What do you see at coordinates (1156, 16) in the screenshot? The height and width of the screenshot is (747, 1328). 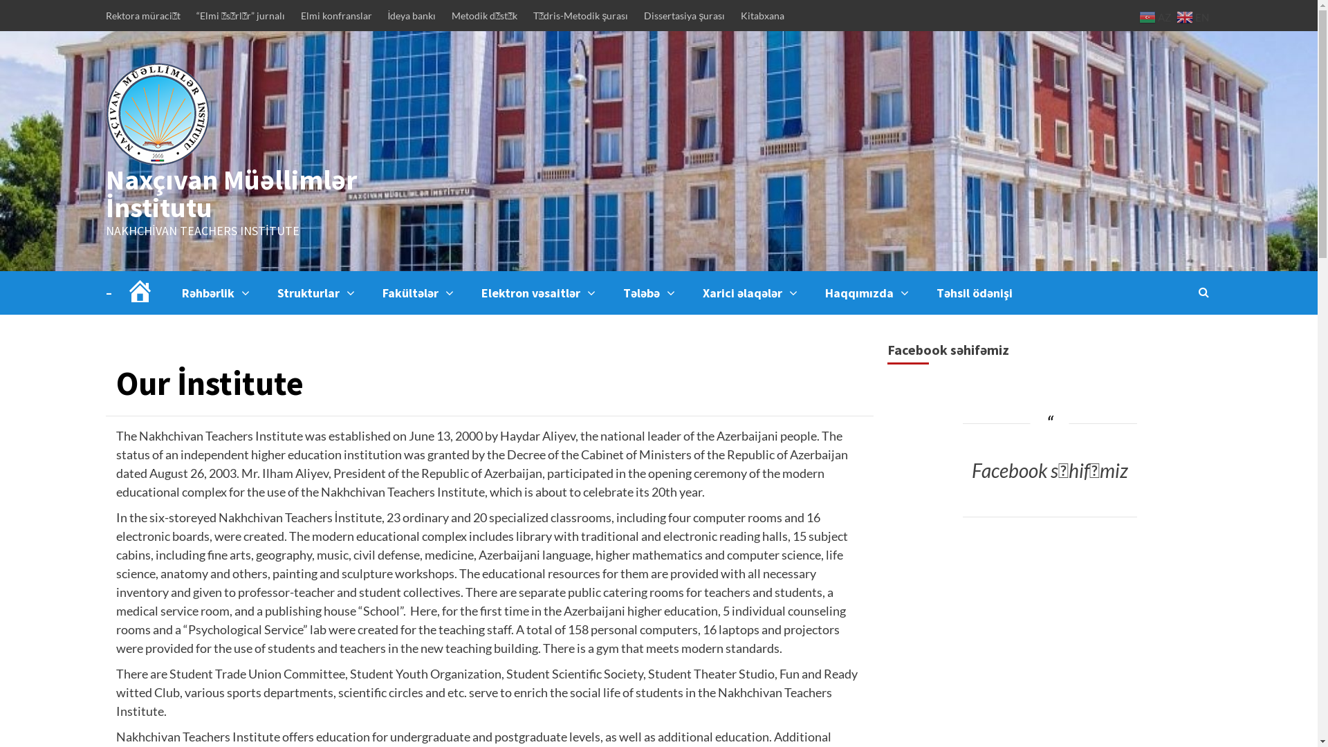 I see `'AZ'` at bounding box center [1156, 16].